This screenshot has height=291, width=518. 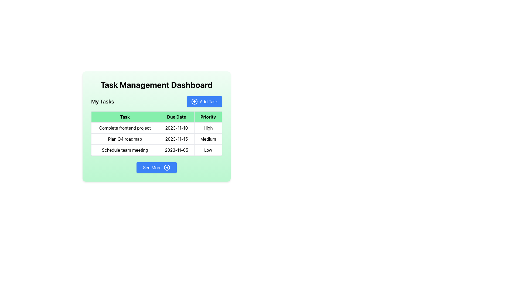 I want to click on the second row of the task table, which contains details for tracking tasks and is located beneath the 'Complete frontend project' row, so click(x=156, y=139).